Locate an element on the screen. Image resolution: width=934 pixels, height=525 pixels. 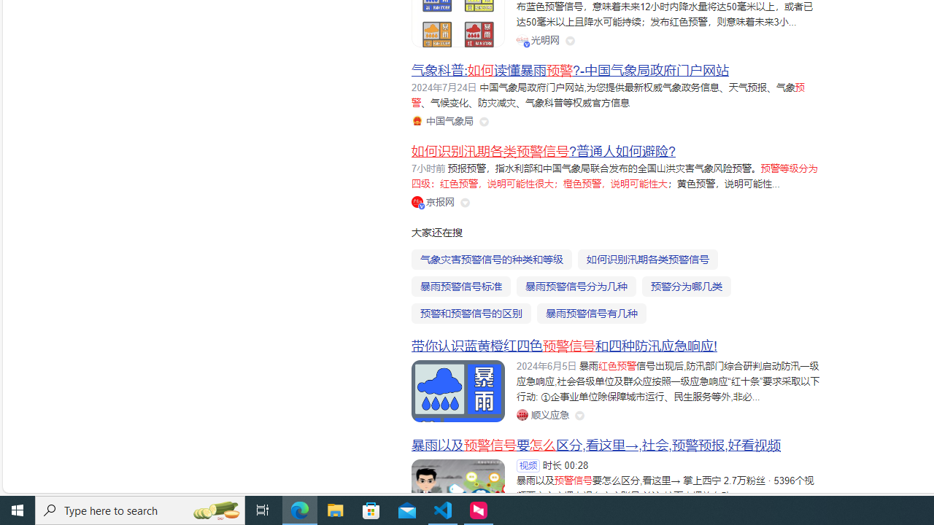
'Class: vip-icon_kNmNt' is located at coordinates (420, 206).